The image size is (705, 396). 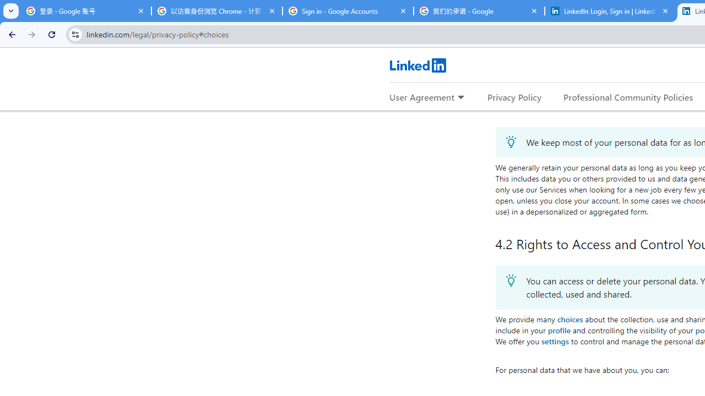 What do you see at coordinates (460, 97) in the screenshot?
I see `'Expand to show more links for User Agreement'` at bounding box center [460, 97].